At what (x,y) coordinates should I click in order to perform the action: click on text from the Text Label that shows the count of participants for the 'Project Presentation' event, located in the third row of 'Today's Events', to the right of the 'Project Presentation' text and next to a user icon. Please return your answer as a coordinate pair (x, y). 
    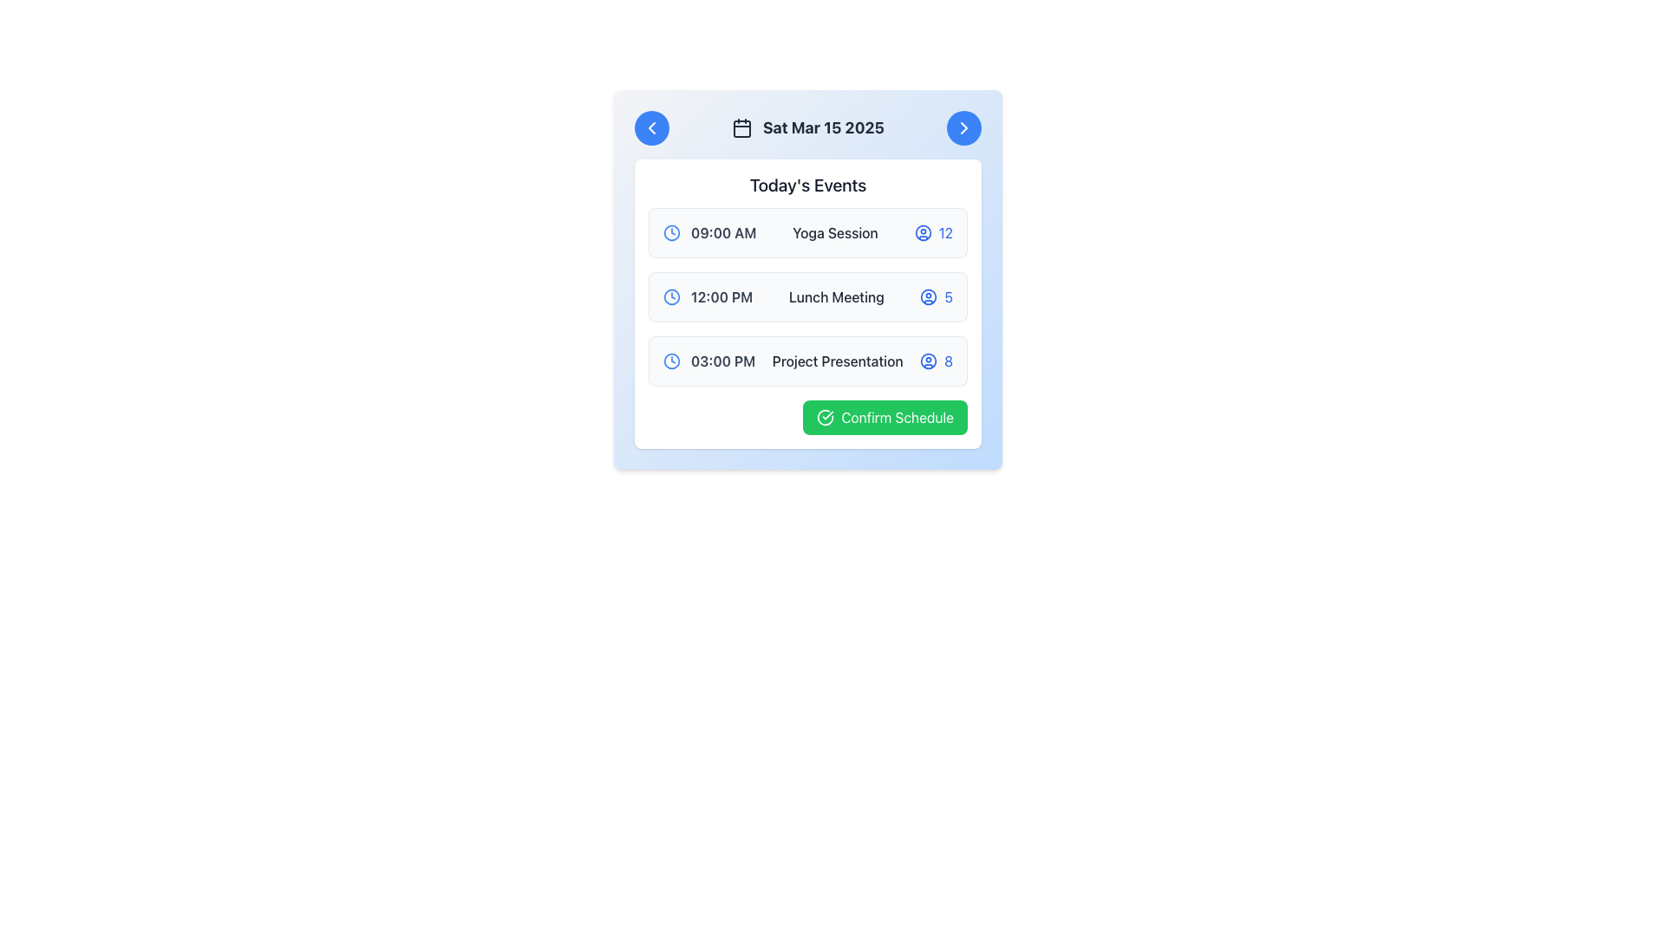
    Looking at the image, I should click on (936, 360).